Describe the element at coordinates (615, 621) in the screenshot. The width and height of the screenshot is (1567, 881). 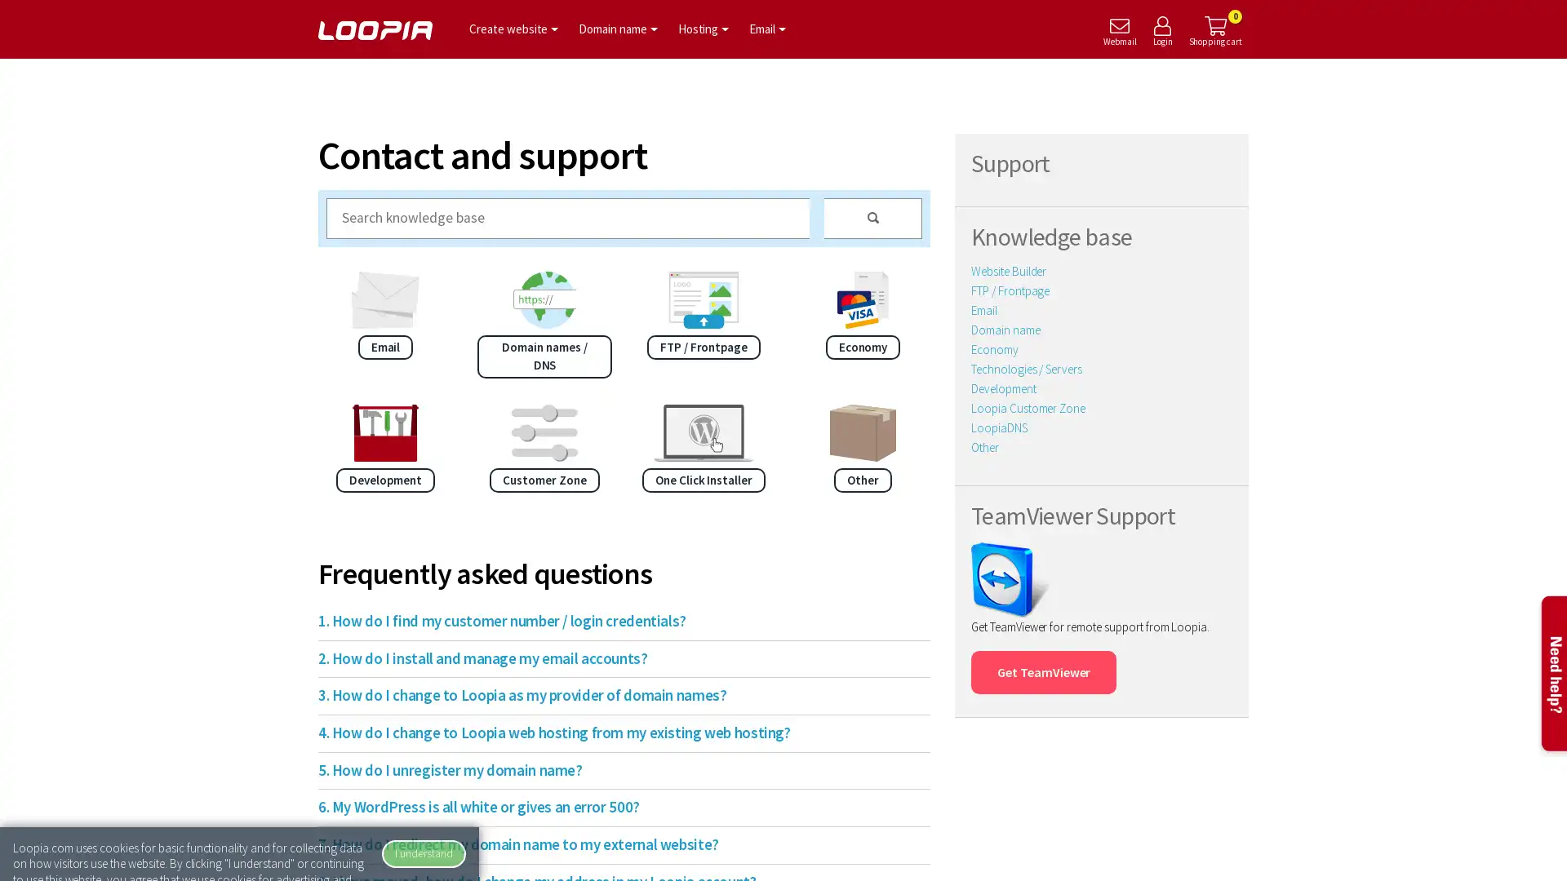
I see `1. How do I find my customer number / login credentials?` at that location.